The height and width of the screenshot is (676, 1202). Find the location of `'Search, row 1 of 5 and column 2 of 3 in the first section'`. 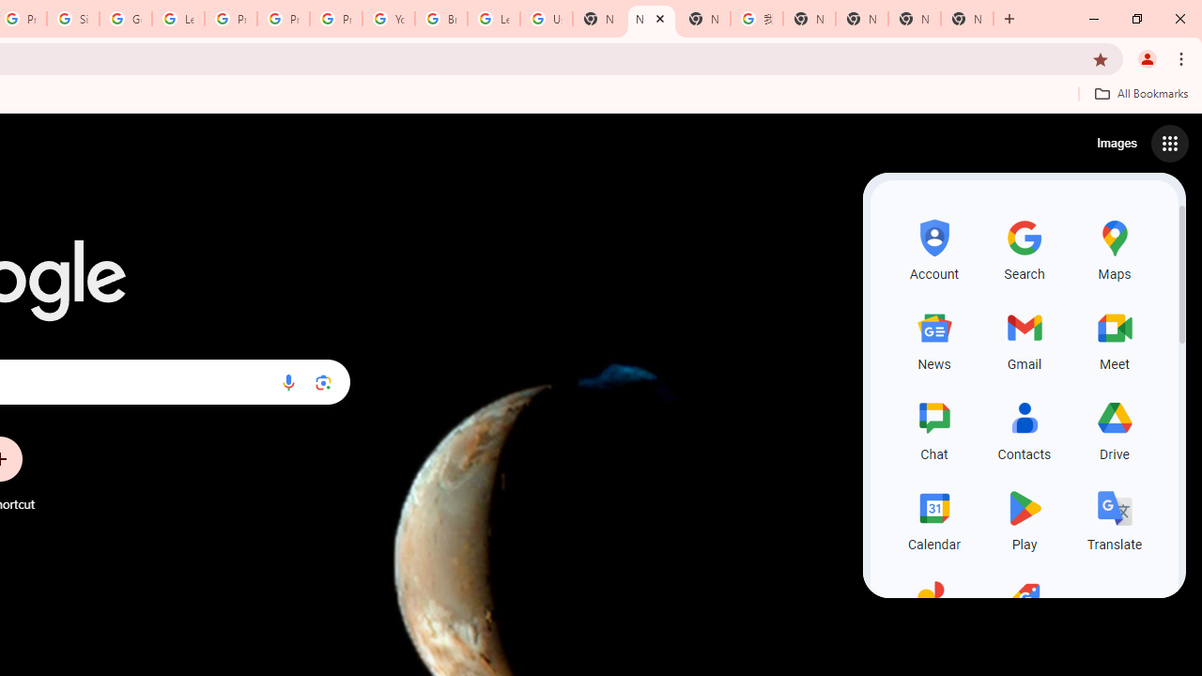

'Search, row 1 of 5 and column 2 of 3 in the first section' is located at coordinates (1024, 246).